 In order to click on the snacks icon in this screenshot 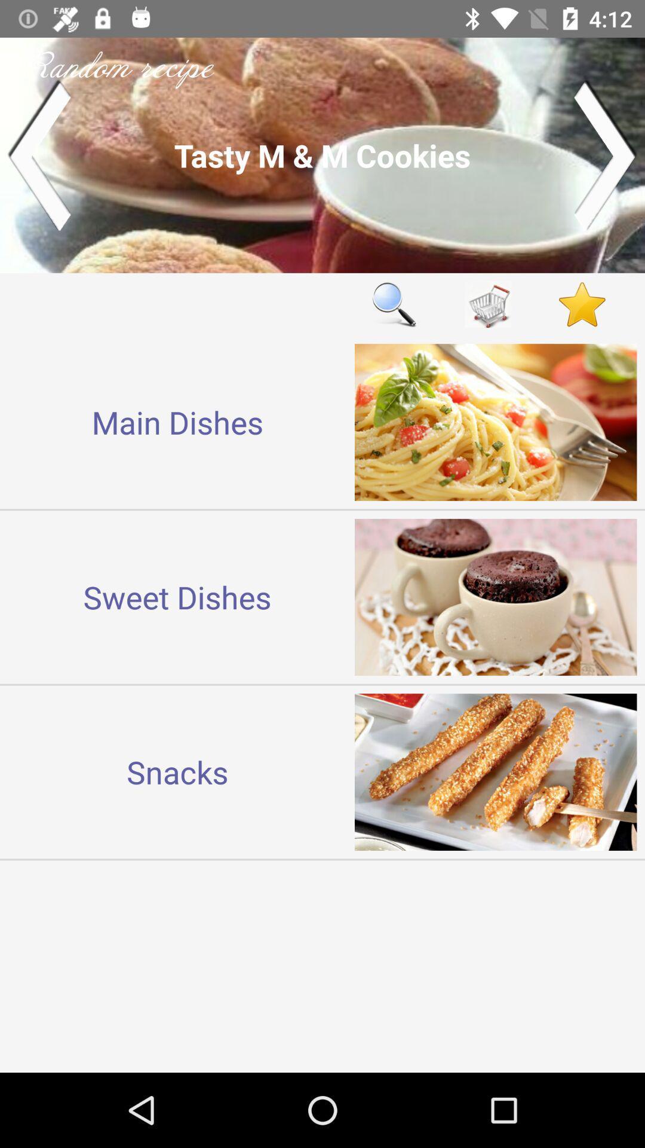, I will do `click(177, 772)`.